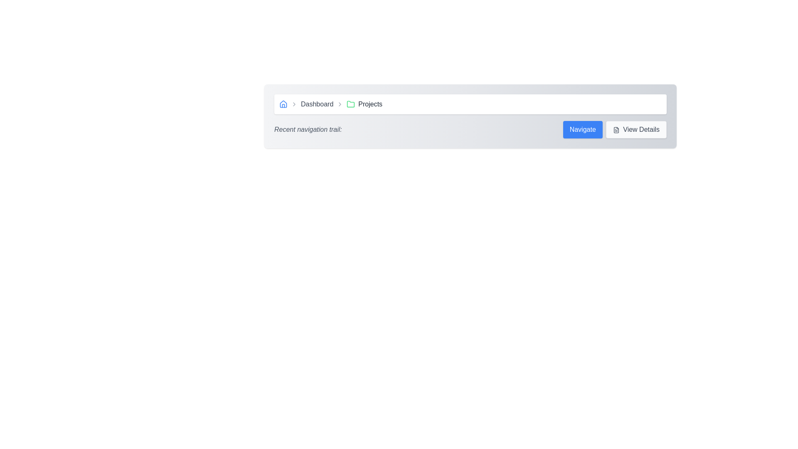 This screenshot has height=449, width=798. What do you see at coordinates (351, 104) in the screenshot?
I see `the folder icon in the breadcrumb navigation that represents the 'Projects' section, which is positioned between the 'Dashboard' and 'Projects' labels` at bounding box center [351, 104].